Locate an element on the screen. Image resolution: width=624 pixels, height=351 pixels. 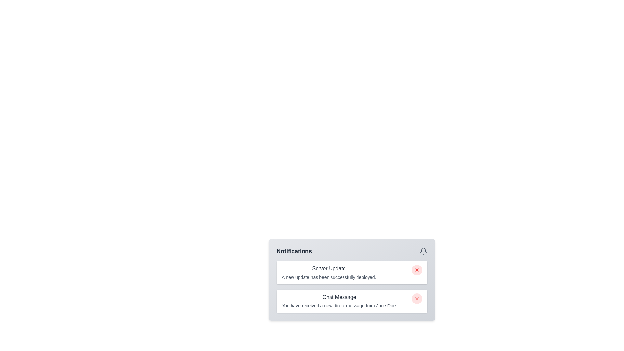
the notification label indicating a new direct message within the lower notification box of the message panel titled 'Notifications' is located at coordinates (339, 306).